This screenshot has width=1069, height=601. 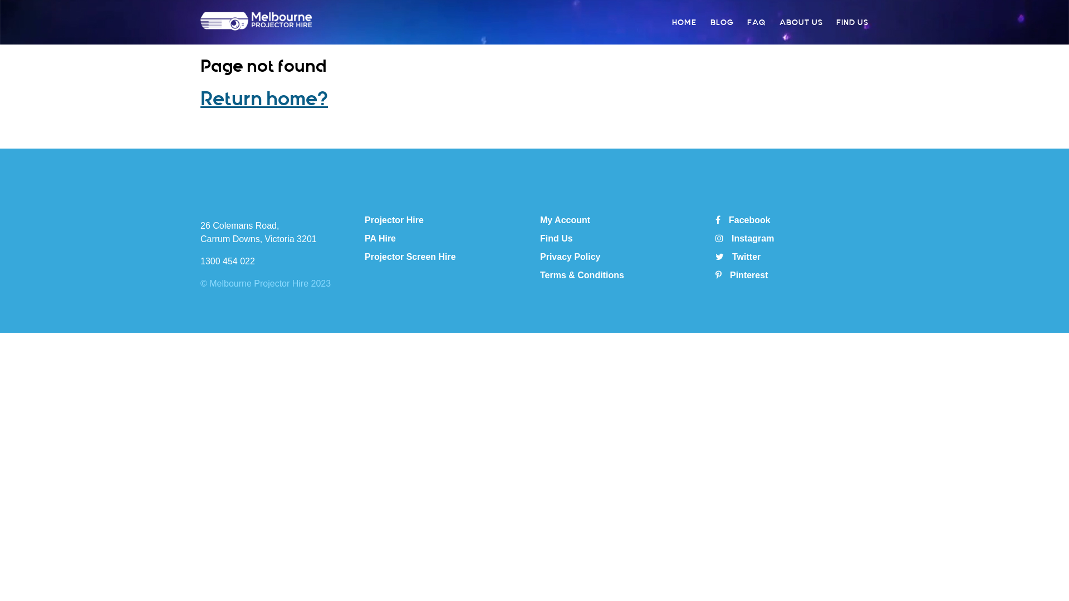 I want to click on 'FAQ', so click(x=756, y=22).